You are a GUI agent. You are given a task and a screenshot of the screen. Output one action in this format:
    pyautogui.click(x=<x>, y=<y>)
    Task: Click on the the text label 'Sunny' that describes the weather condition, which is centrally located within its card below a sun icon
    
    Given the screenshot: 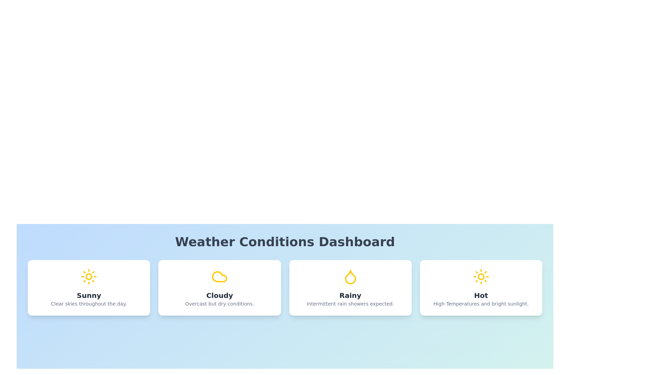 What is the action you would take?
    pyautogui.click(x=89, y=295)
    